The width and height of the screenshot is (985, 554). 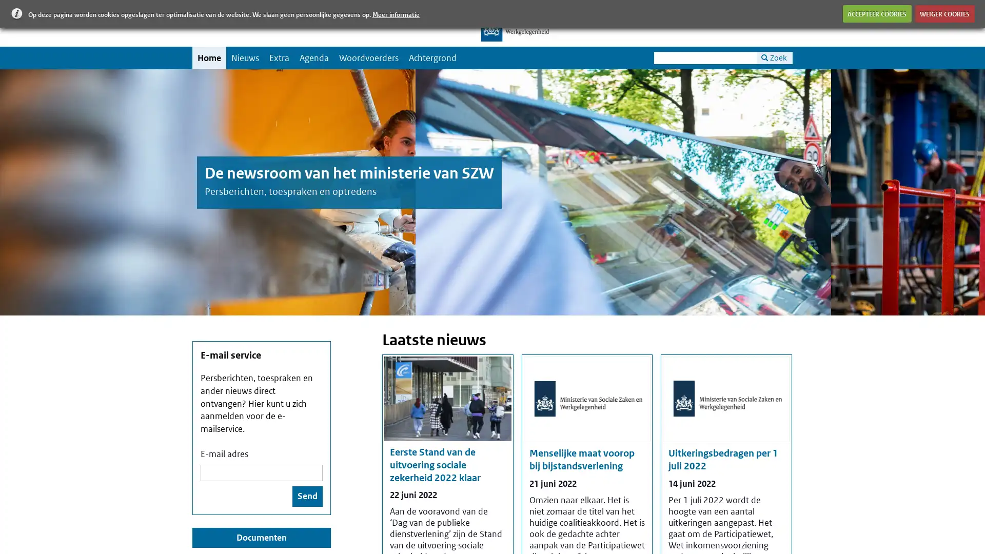 What do you see at coordinates (775, 57) in the screenshot?
I see `Zoek` at bounding box center [775, 57].